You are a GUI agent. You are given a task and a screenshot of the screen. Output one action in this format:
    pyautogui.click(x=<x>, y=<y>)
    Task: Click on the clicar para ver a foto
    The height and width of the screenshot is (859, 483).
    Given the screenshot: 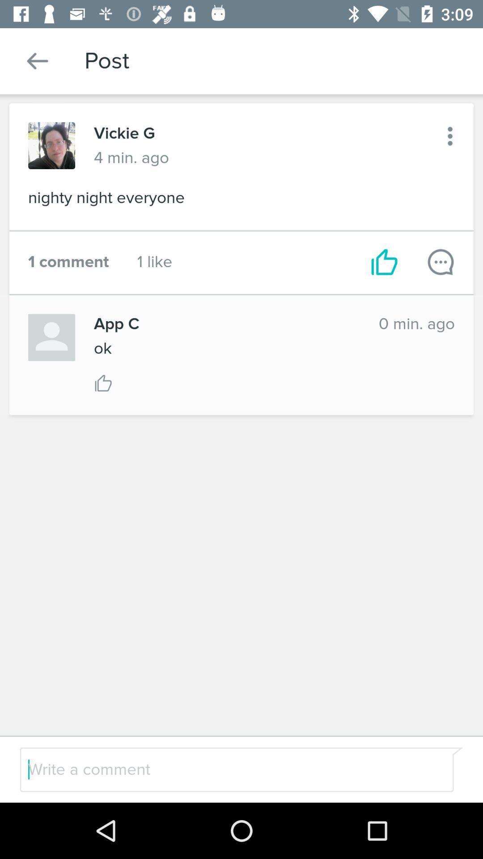 What is the action you would take?
    pyautogui.click(x=51, y=145)
    